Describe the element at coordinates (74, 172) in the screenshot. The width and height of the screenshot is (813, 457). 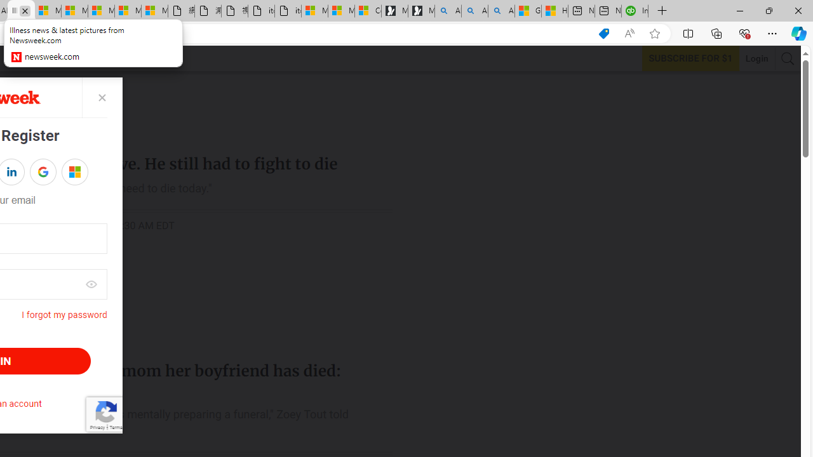
I see `'Sign in as Eugene EugeneLedger601@outlook.com'` at that location.